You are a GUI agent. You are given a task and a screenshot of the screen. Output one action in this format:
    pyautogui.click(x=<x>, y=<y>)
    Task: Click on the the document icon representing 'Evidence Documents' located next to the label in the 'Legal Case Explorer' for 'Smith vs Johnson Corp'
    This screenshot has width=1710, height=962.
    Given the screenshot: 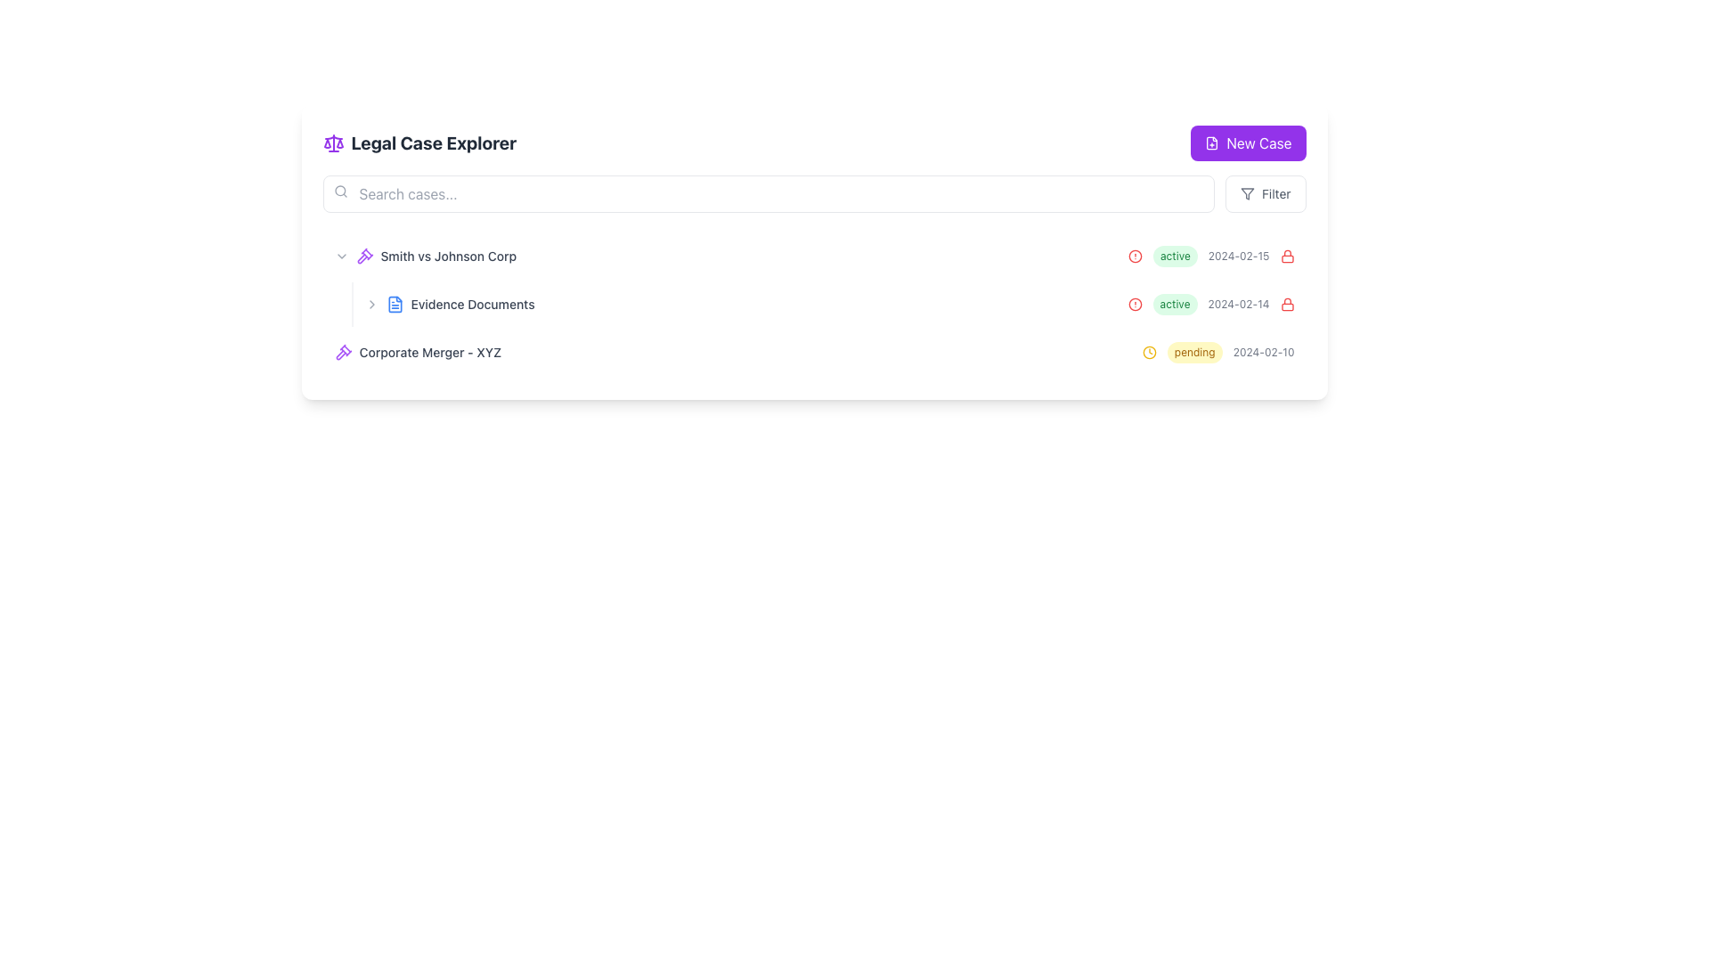 What is the action you would take?
    pyautogui.click(x=394, y=304)
    